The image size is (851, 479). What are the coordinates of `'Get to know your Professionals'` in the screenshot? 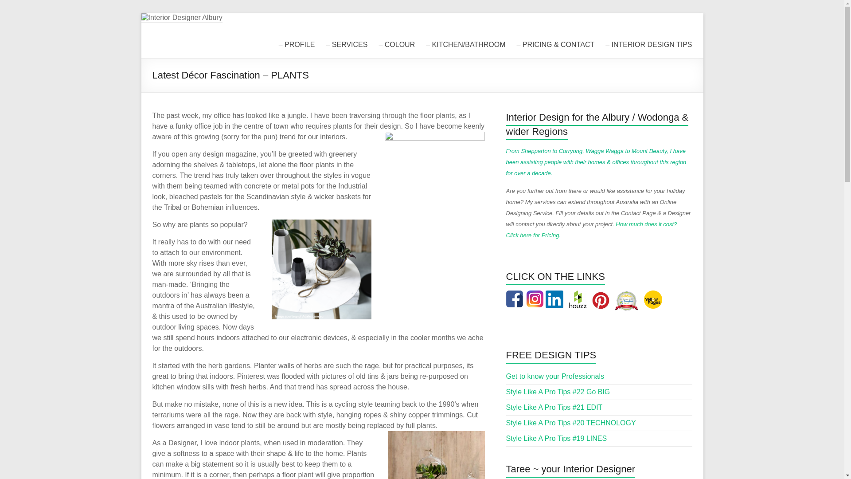 It's located at (506, 376).